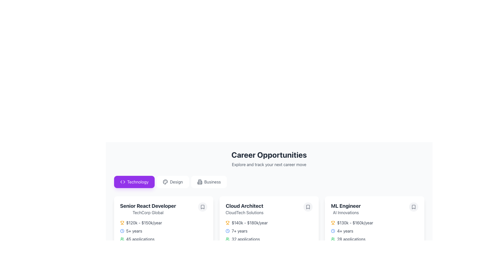 The image size is (490, 276). Describe the element at coordinates (164, 260) in the screenshot. I see `the Label with icons indicating the verification status and rating of the job posting for the 'Senior React Developer' card, located at the bottom center beneath the skill tags` at that location.